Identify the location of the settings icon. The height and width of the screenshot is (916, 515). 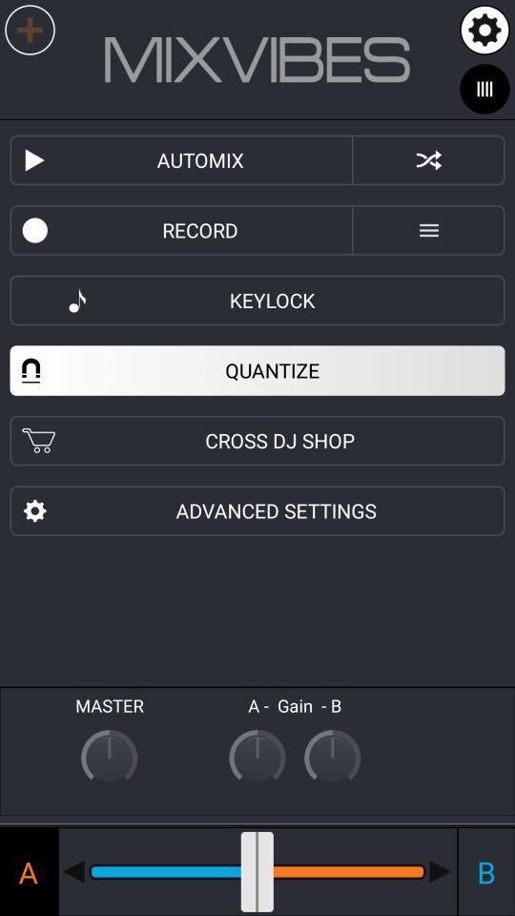
(484, 29).